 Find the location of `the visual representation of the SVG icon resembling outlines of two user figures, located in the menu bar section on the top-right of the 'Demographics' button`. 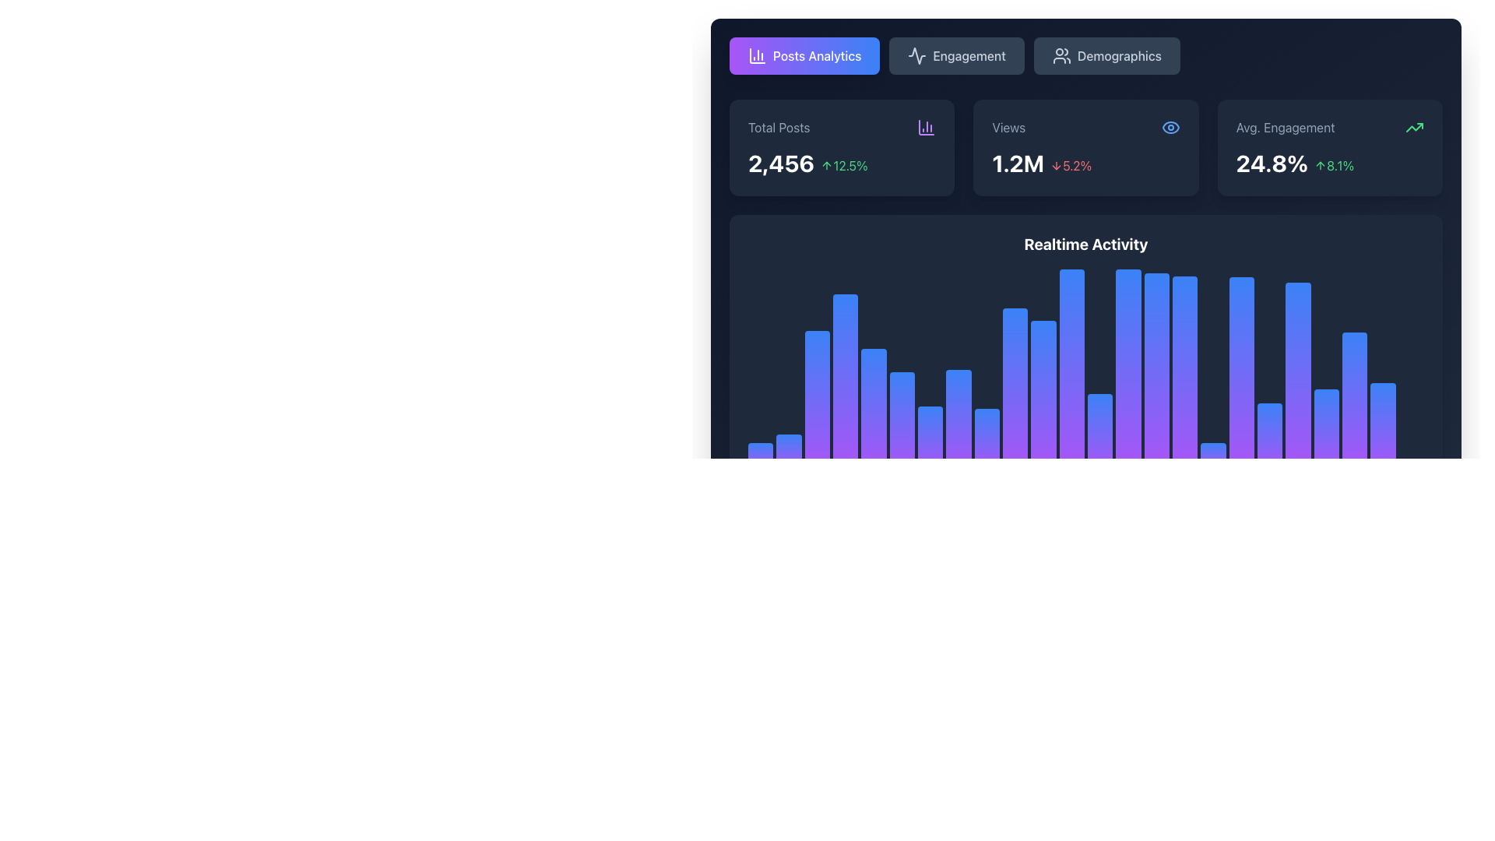

the visual representation of the SVG icon resembling outlines of two user figures, located in the menu bar section on the top-right of the 'Demographics' button is located at coordinates (1061, 55).